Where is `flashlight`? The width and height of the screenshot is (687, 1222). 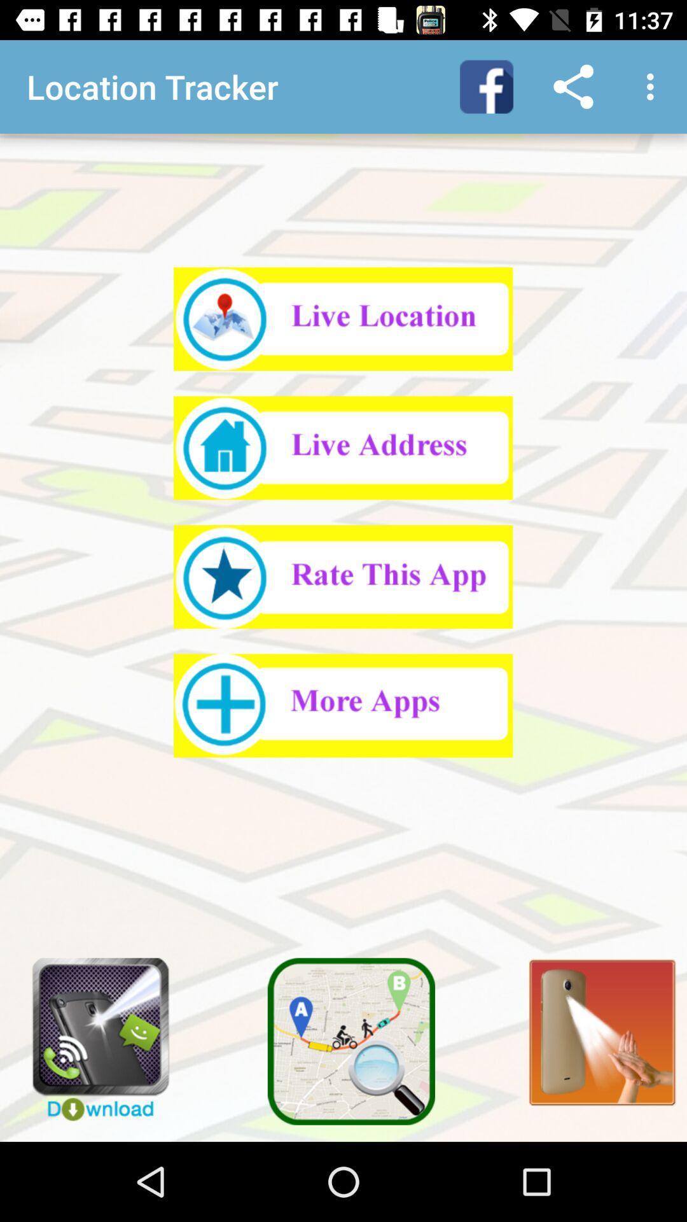
flashlight is located at coordinates (595, 1025).